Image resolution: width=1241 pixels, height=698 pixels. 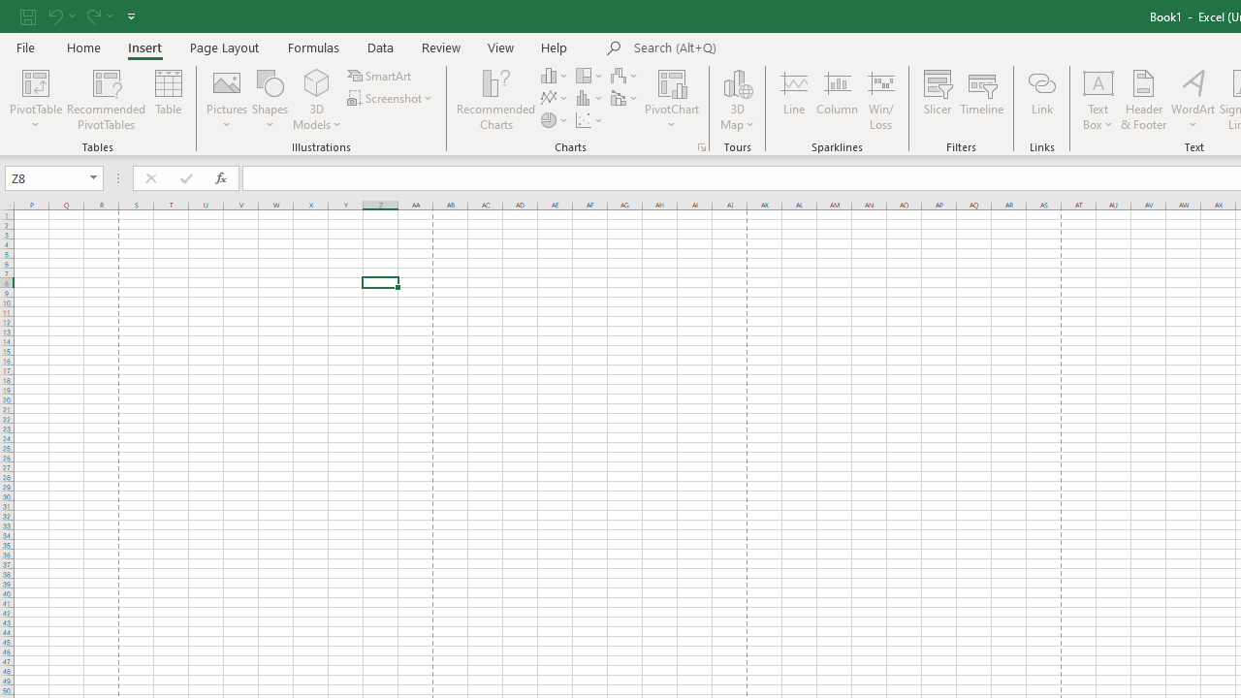 I want to click on 'Insert Pie or Doughnut Chart', so click(x=555, y=120).